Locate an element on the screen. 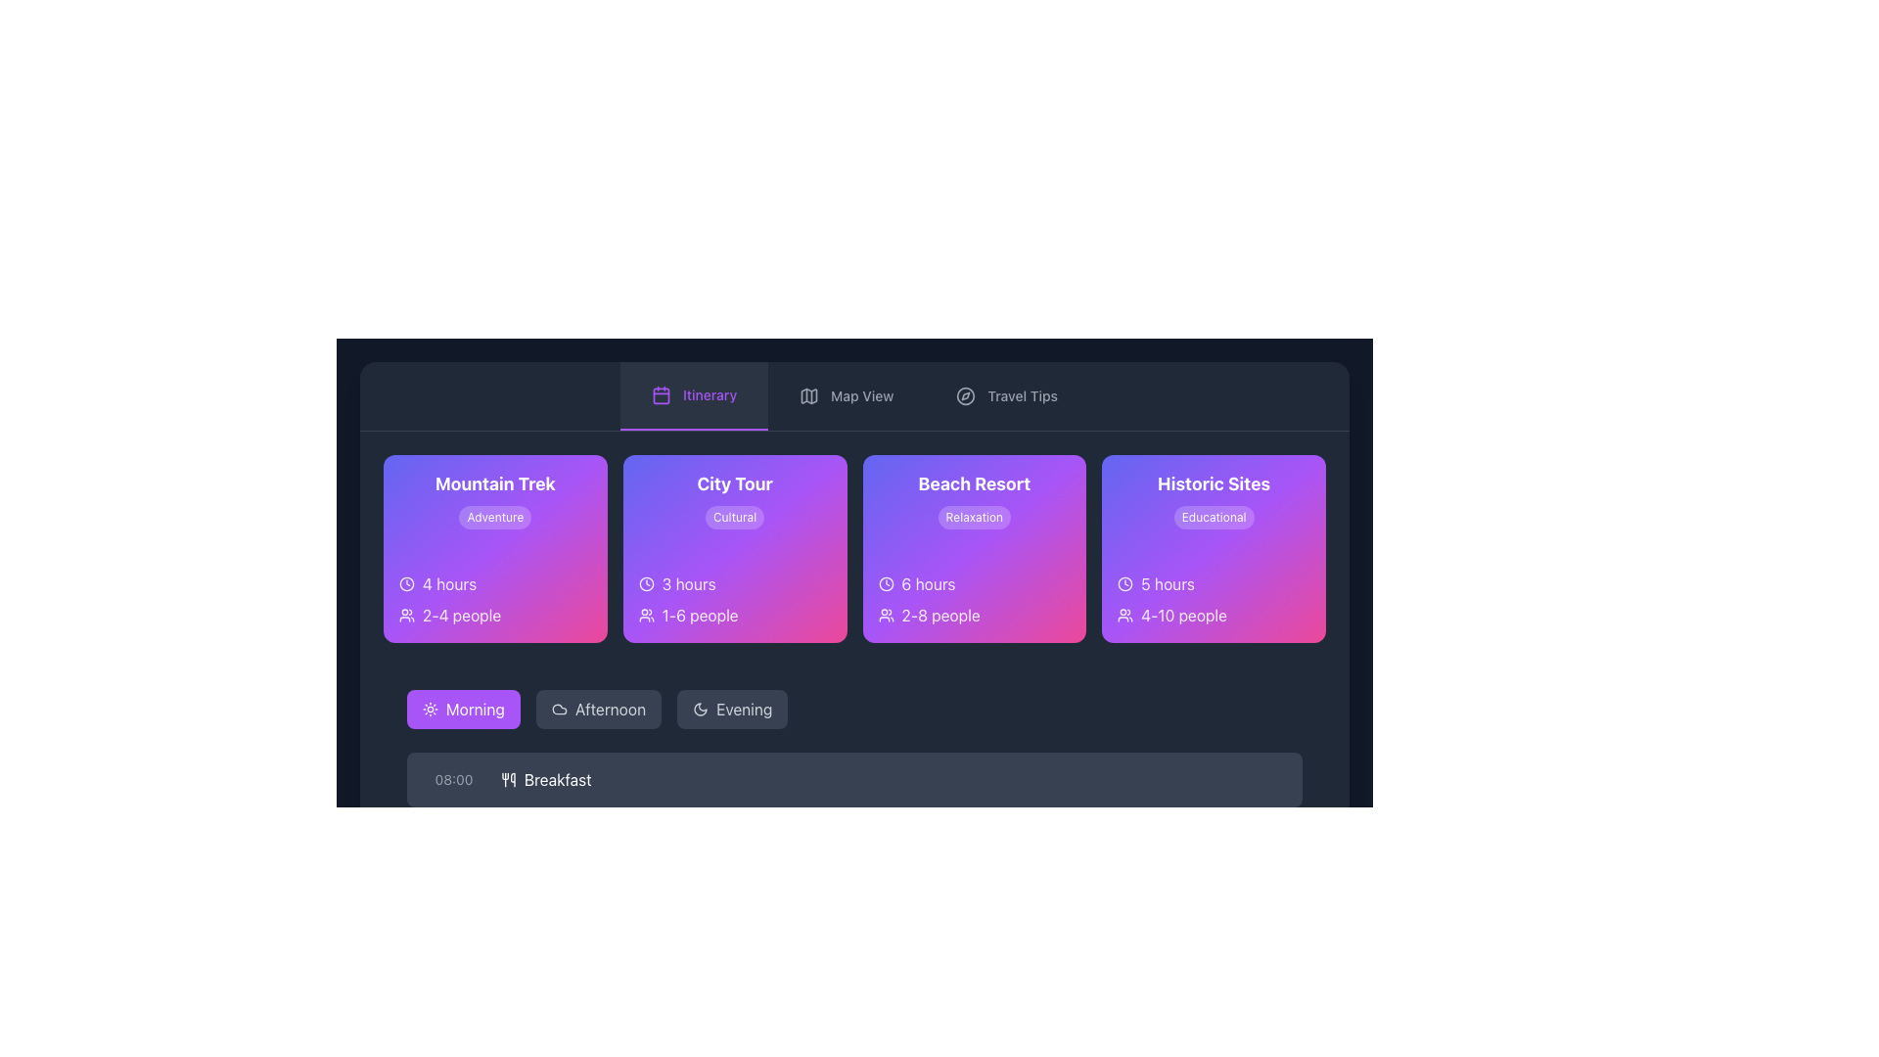 This screenshot has height=1057, width=1879. details from the text label indicating the capacity of people for the 'Mountain Trek' activity, which is located at the bottom of the card labeled 'Mountain Trek' is located at coordinates (461, 614).